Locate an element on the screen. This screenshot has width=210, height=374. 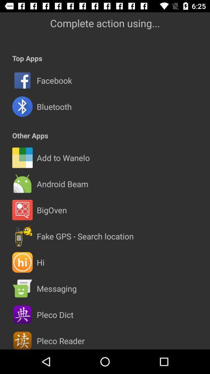
bigoven item is located at coordinates (52, 210).